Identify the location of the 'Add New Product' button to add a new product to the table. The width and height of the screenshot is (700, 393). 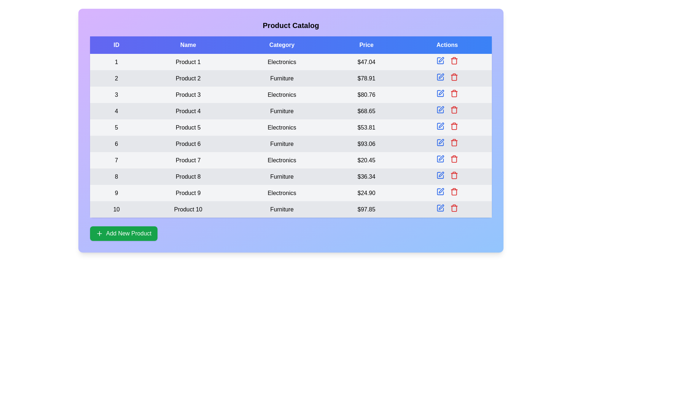
(124, 233).